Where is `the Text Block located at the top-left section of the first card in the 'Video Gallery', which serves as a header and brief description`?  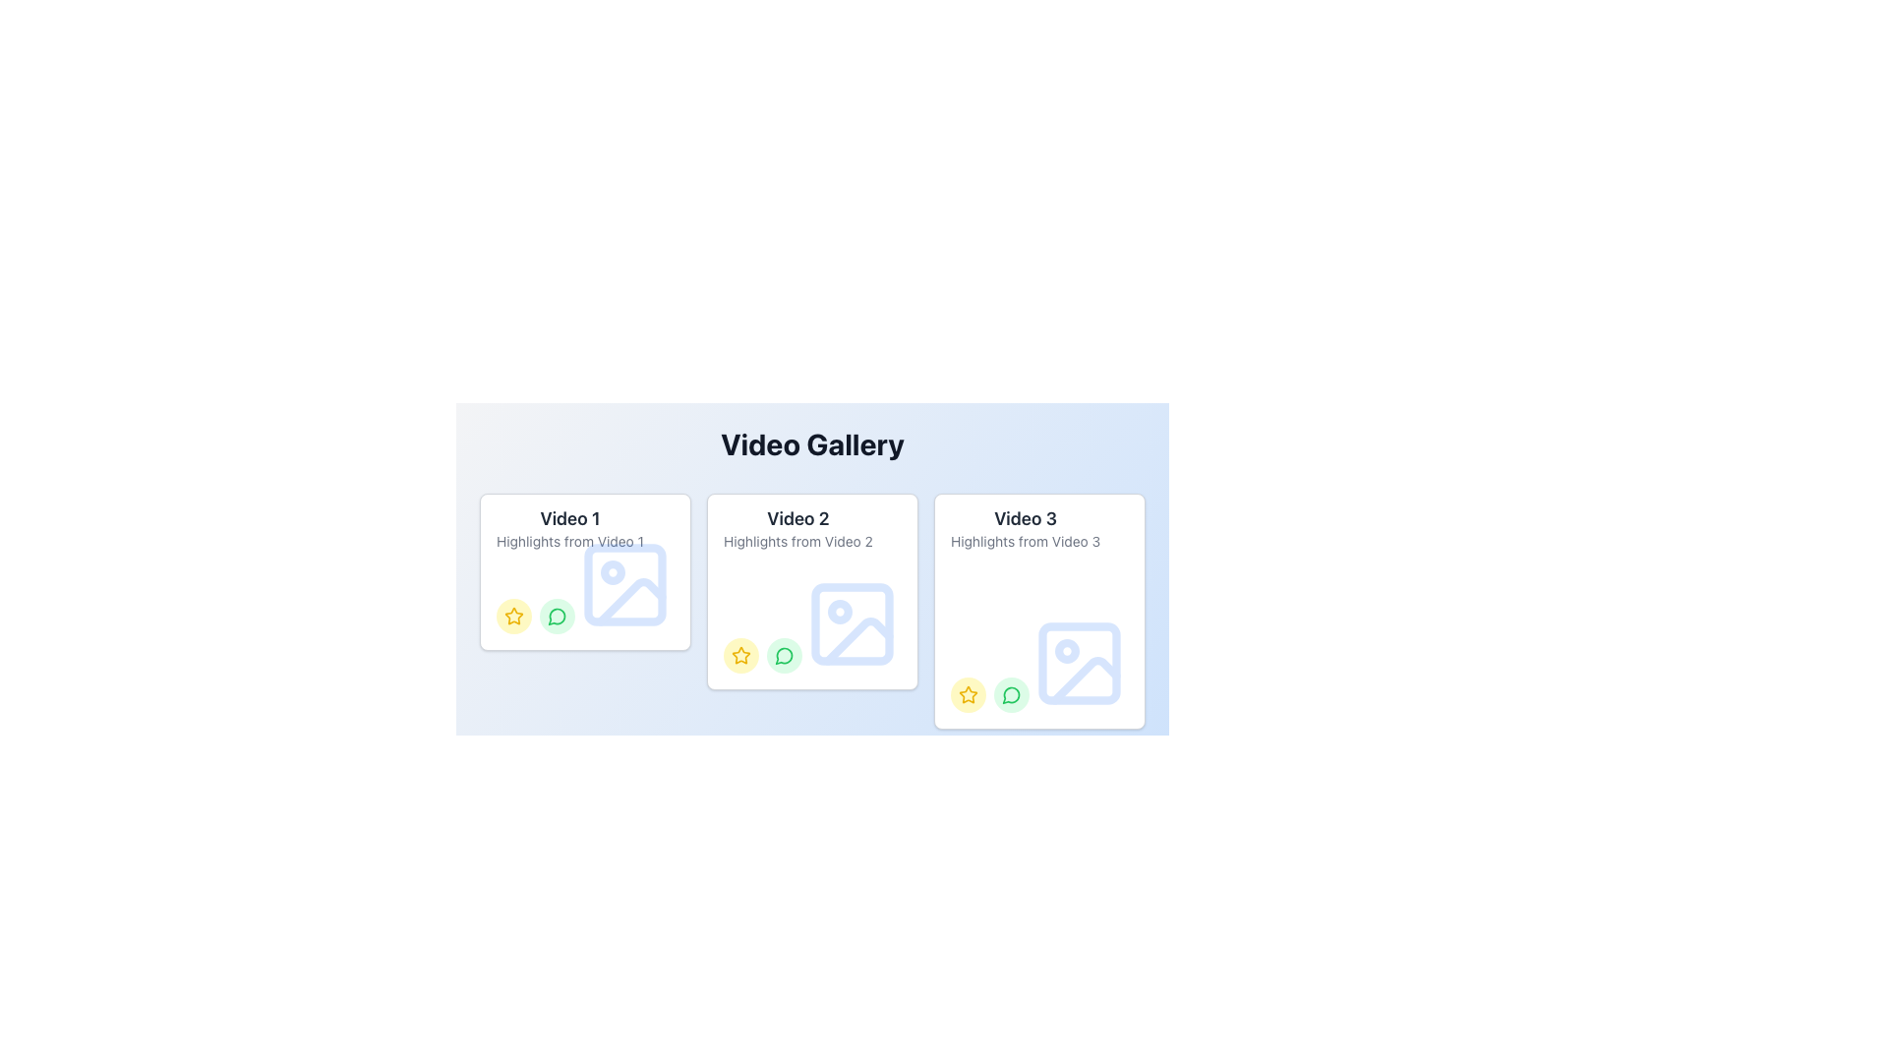 the Text Block located at the top-left section of the first card in the 'Video Gallery', which serves as a header and brief description is located at coordinates (569, 531).